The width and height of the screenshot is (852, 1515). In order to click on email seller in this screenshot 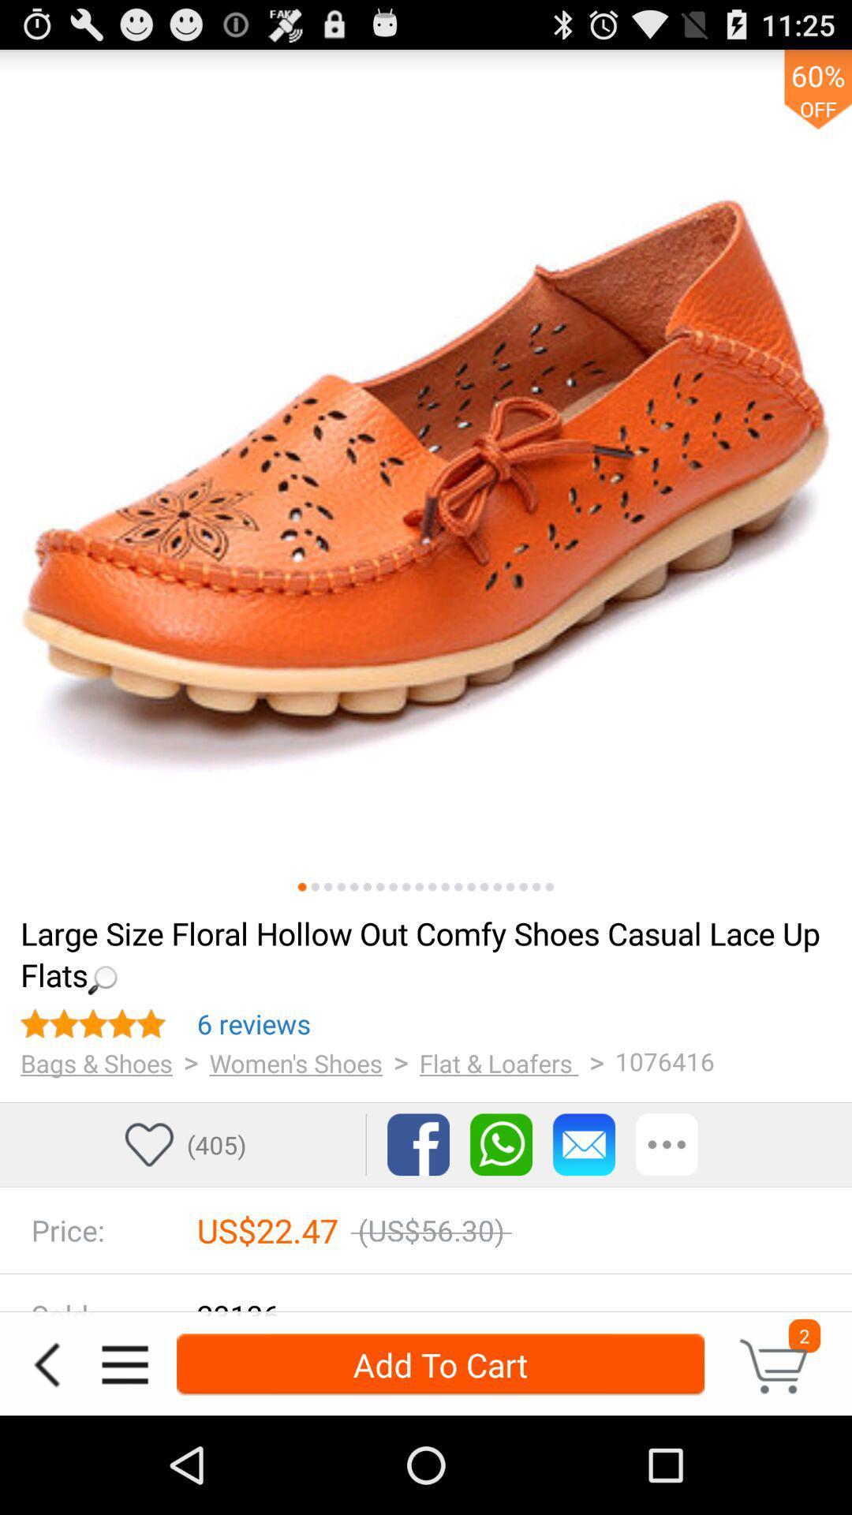, I will do `click(584, 1144)`.